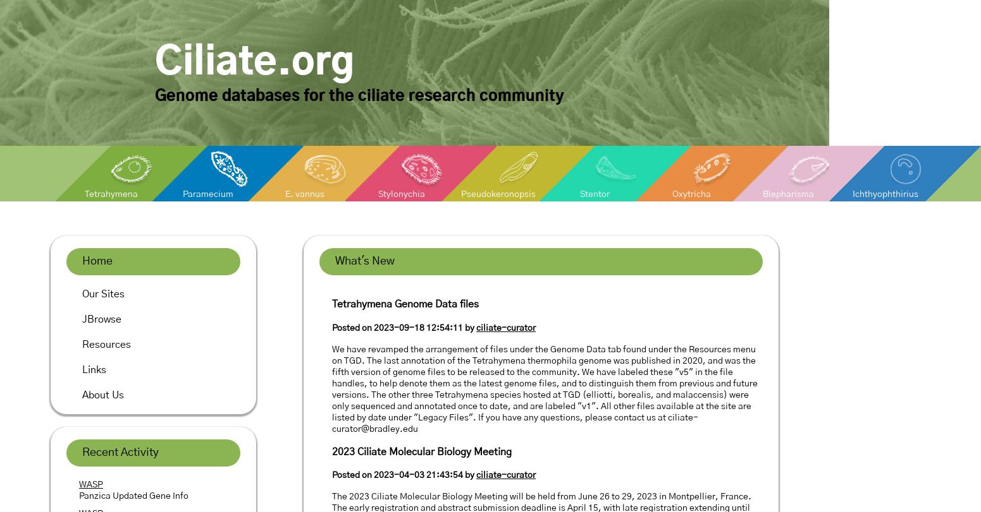 This screenshot has height=512, width=981. Describe the element at coordinates (94, 369) in the screenshot. I see `'Links'` at that location.